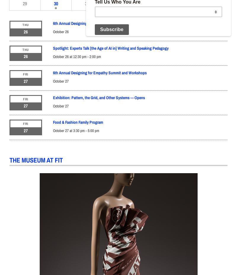 This screenshot has width=237, height=275. Describe the element at coordinates (99, 97) in the screenshot. I see `'Exhibition: Pattern, the Grid, and Other Systems — Opens'` at that location.